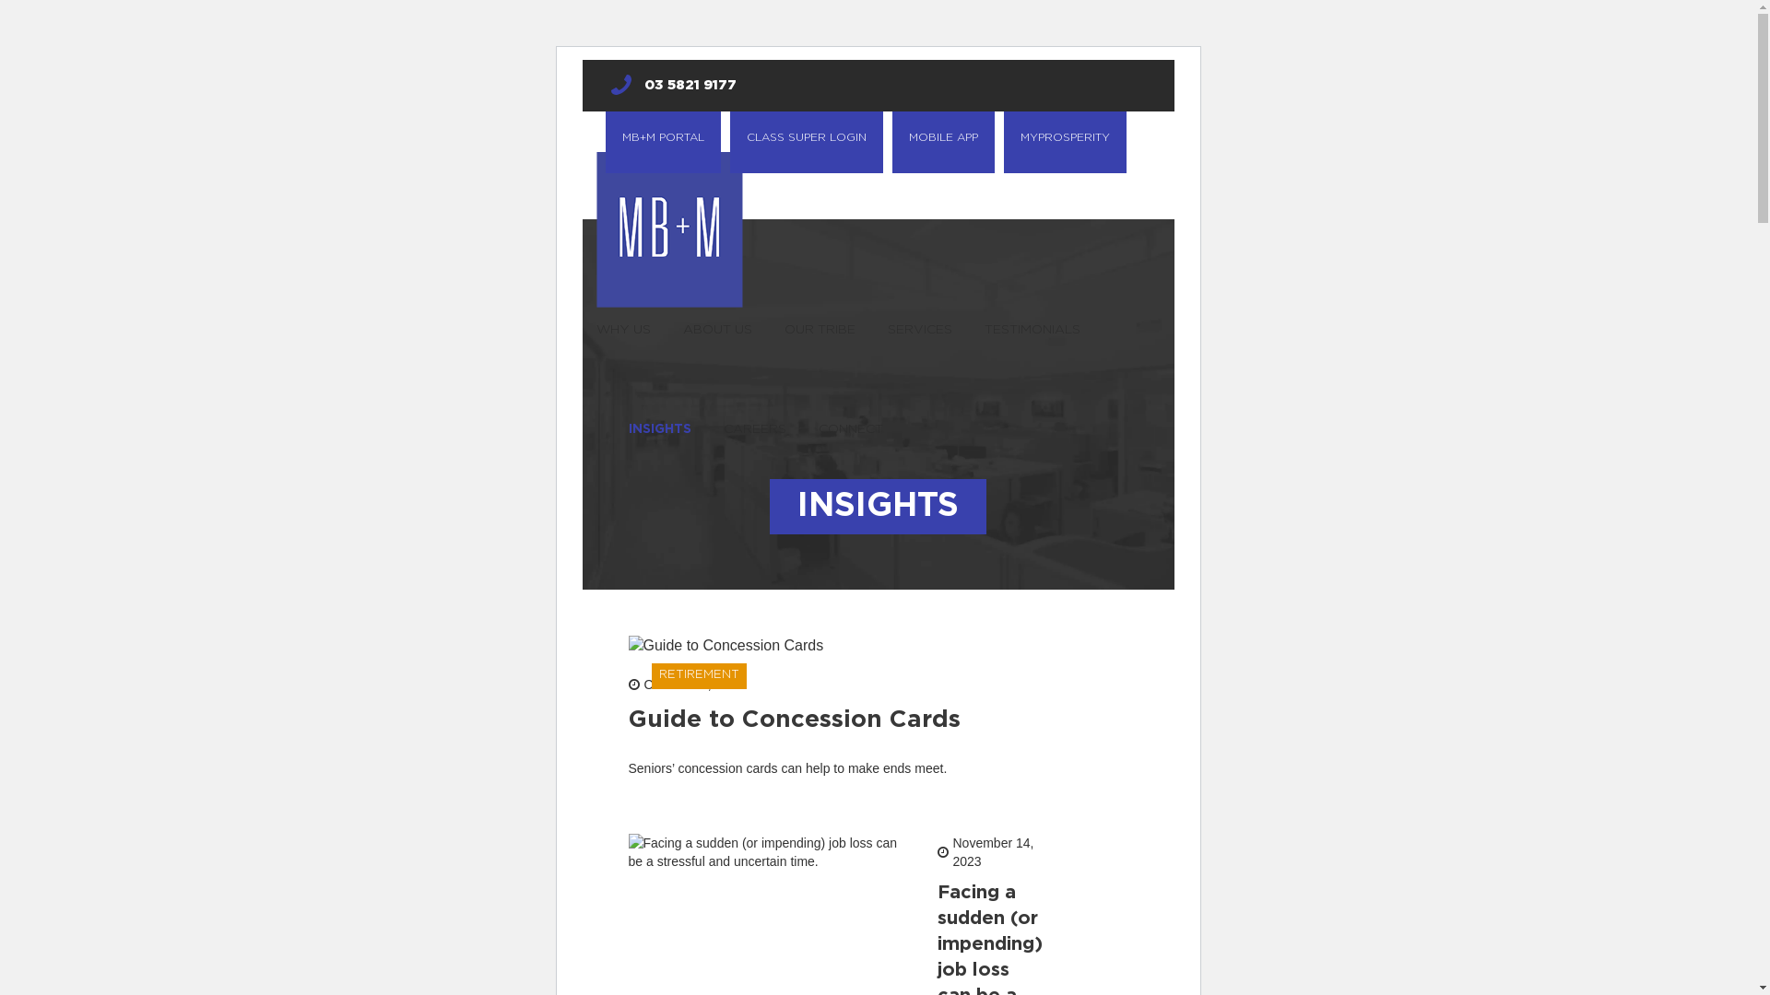 The width and height of the screenshot is (1770, 995). I want to click on 'ABOUT US', so click(715, 329).